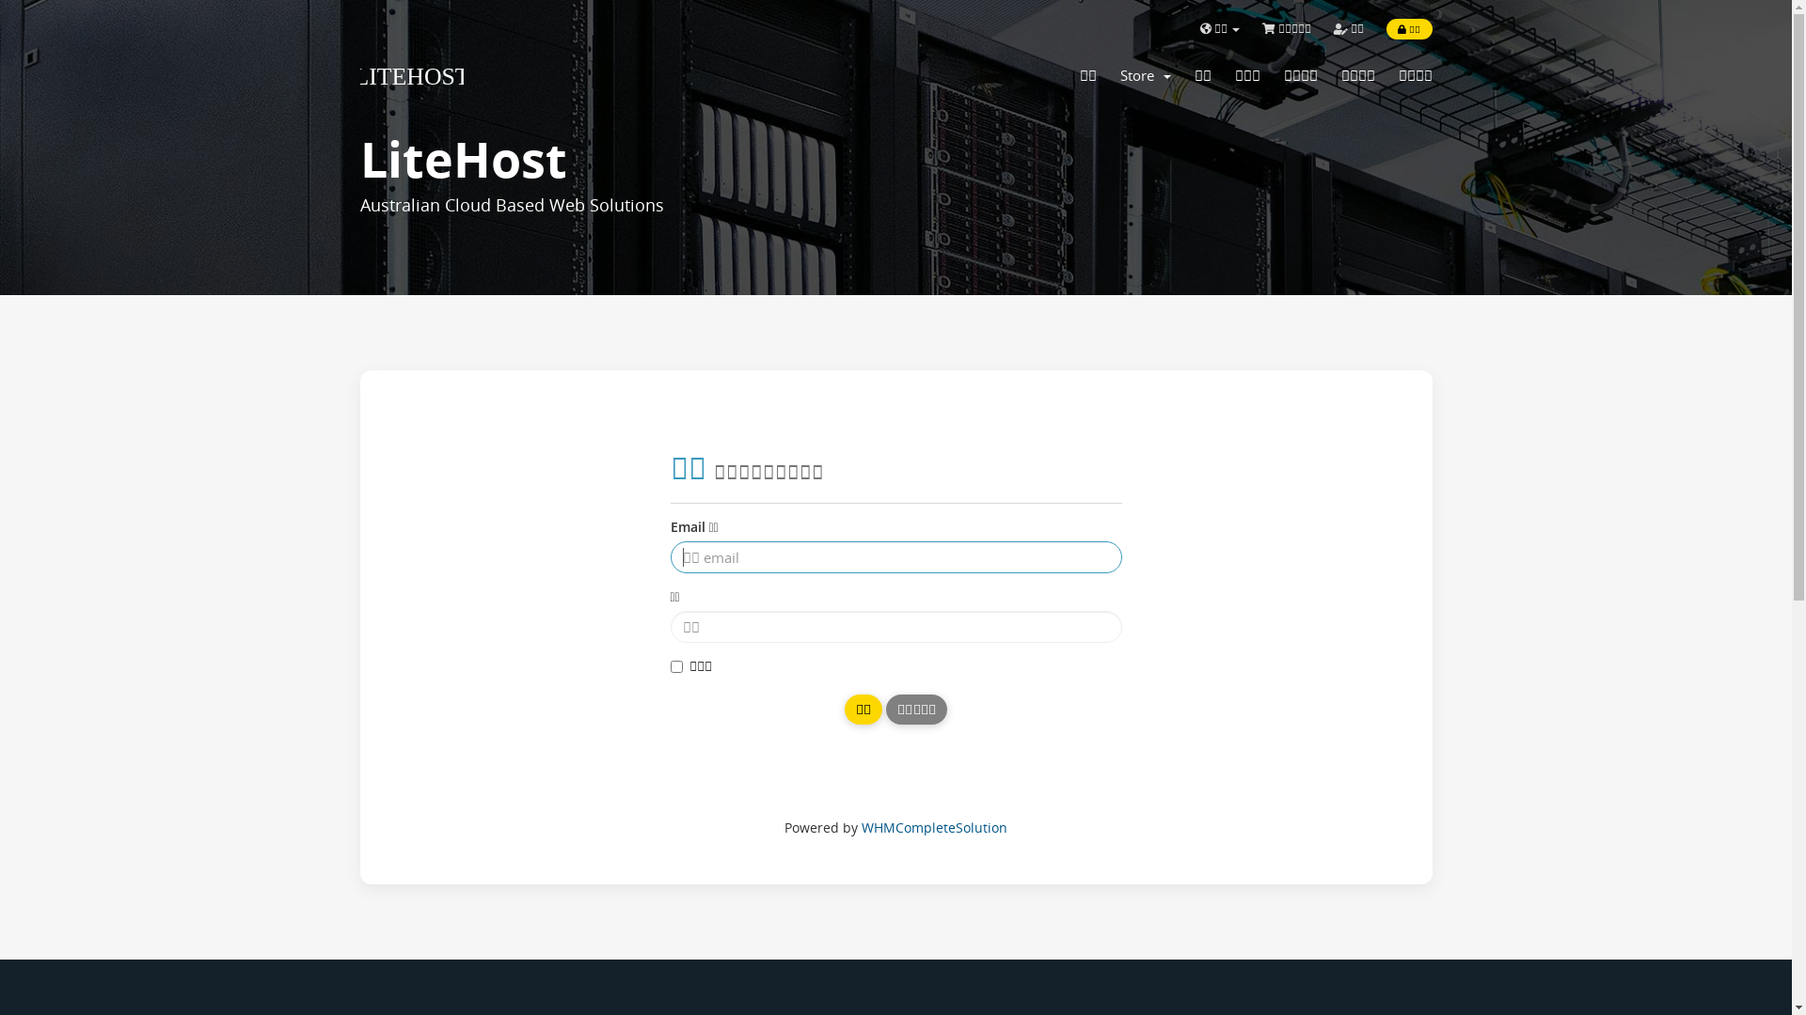 The height and width of the screenshot is (1015, 1806). I want to click on 'WHMCompleteSolution', so click(934, 826).